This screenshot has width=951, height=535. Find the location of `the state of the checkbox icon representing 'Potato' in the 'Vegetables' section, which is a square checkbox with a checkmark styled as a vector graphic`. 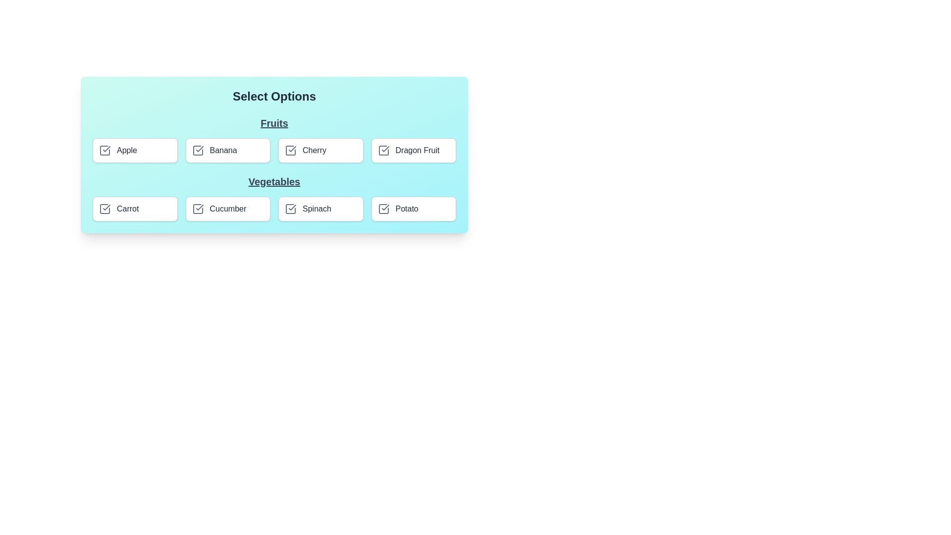

the state of the checkbox icon representing 'Potato' in the 'Vegetables' section, which is a square checkbox with a checkmark styled as a vector graphic is located at coordinates (383, 208).